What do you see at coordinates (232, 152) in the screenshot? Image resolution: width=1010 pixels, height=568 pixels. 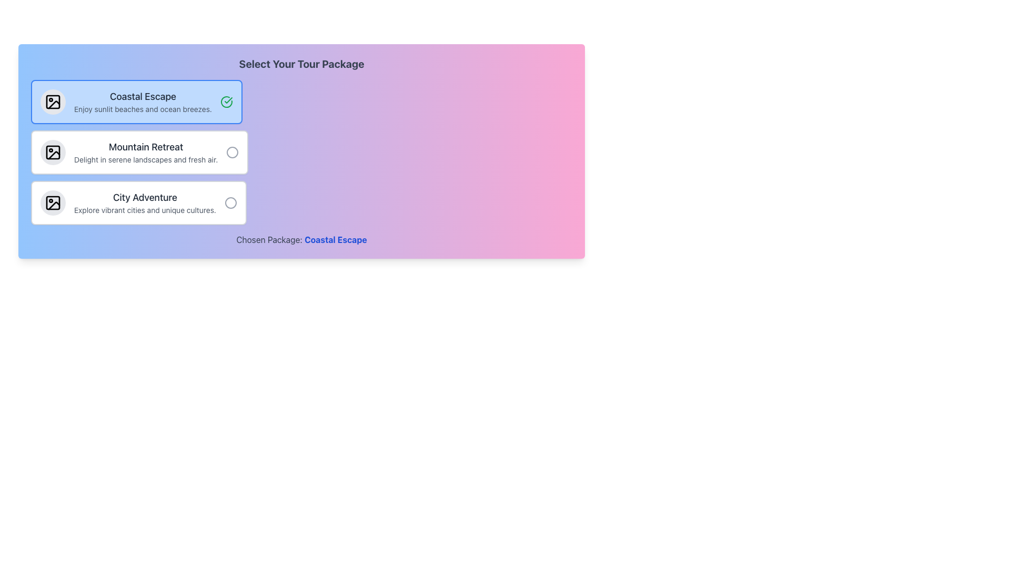 I see `the radio button styled with a gray border adjacent to the 'Mountain Retreat' option in the list` at bounding box center [232, 152].